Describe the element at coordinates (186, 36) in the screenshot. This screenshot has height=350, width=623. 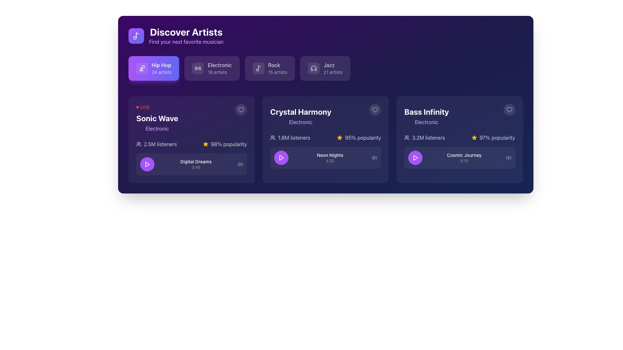
I see `the text display element that serves as the header for the artist discovery feature, located to the right of a gradient purple square with a musical note icon` at that location.